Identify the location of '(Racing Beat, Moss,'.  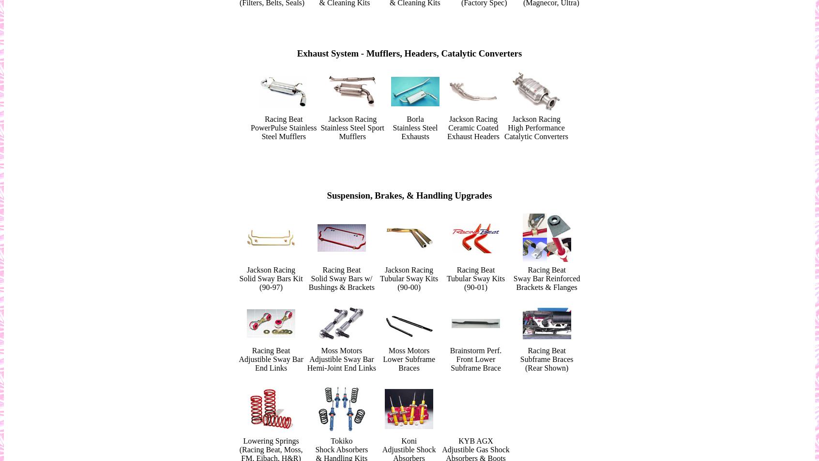
(271, 449).